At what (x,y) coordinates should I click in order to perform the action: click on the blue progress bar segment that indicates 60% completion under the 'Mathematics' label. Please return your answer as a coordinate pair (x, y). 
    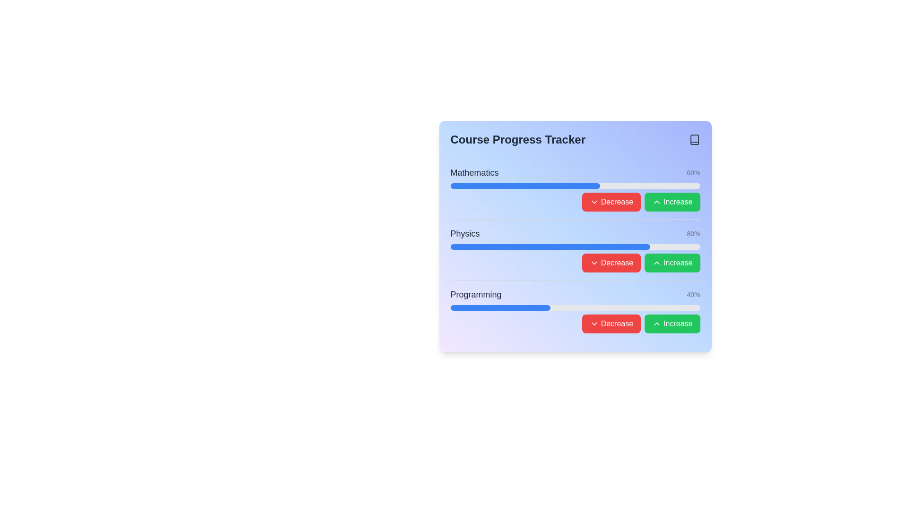
    Looking at the image, I should click on (524, 186).